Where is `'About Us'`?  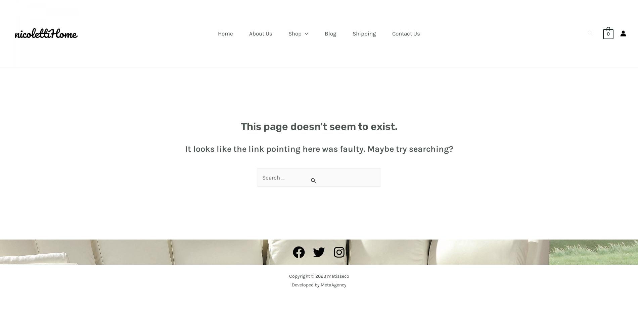
'About Us' is located at coordinates (260, 33).